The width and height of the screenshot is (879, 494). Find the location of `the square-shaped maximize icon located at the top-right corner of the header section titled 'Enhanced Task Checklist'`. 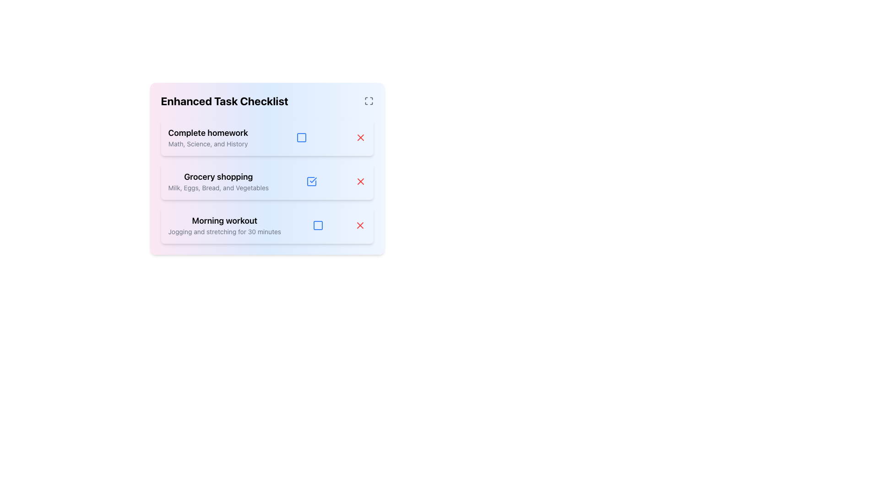

the square-shaped maximize icon located at the top-right corner of the header section titled 'Enhanced Task Checklist' is located at coordinates (369, 101).